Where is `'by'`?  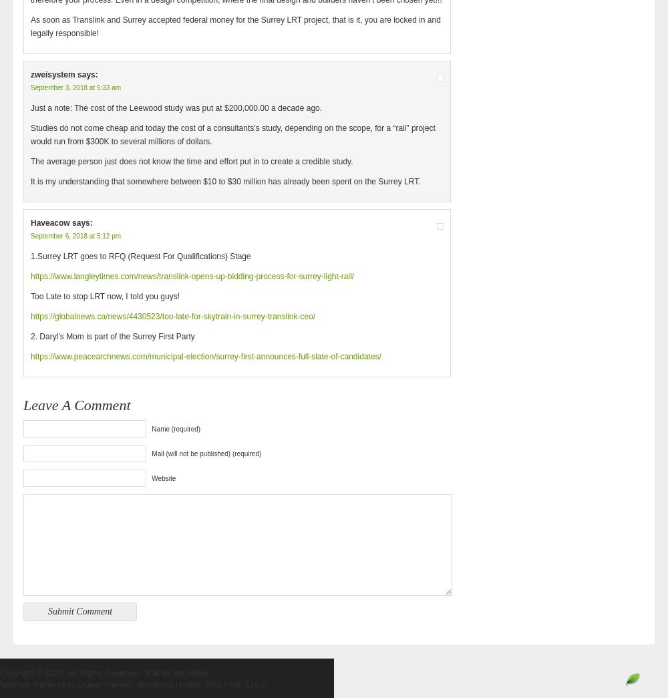
'by' is located at coordinates (64, 685).